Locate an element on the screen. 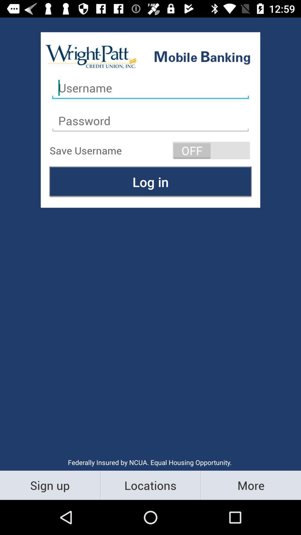 The height and width of the screenshot is (535, 301). item below federally insured by icon is located at coordinates (50, 485).